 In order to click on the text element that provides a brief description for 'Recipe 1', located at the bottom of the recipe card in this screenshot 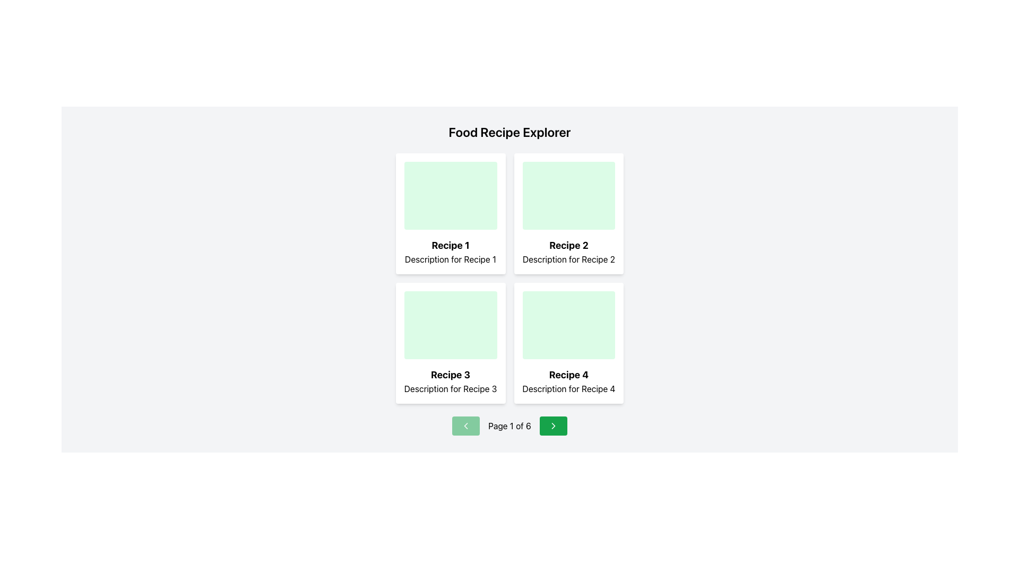, I will do `click(451, 259)`.